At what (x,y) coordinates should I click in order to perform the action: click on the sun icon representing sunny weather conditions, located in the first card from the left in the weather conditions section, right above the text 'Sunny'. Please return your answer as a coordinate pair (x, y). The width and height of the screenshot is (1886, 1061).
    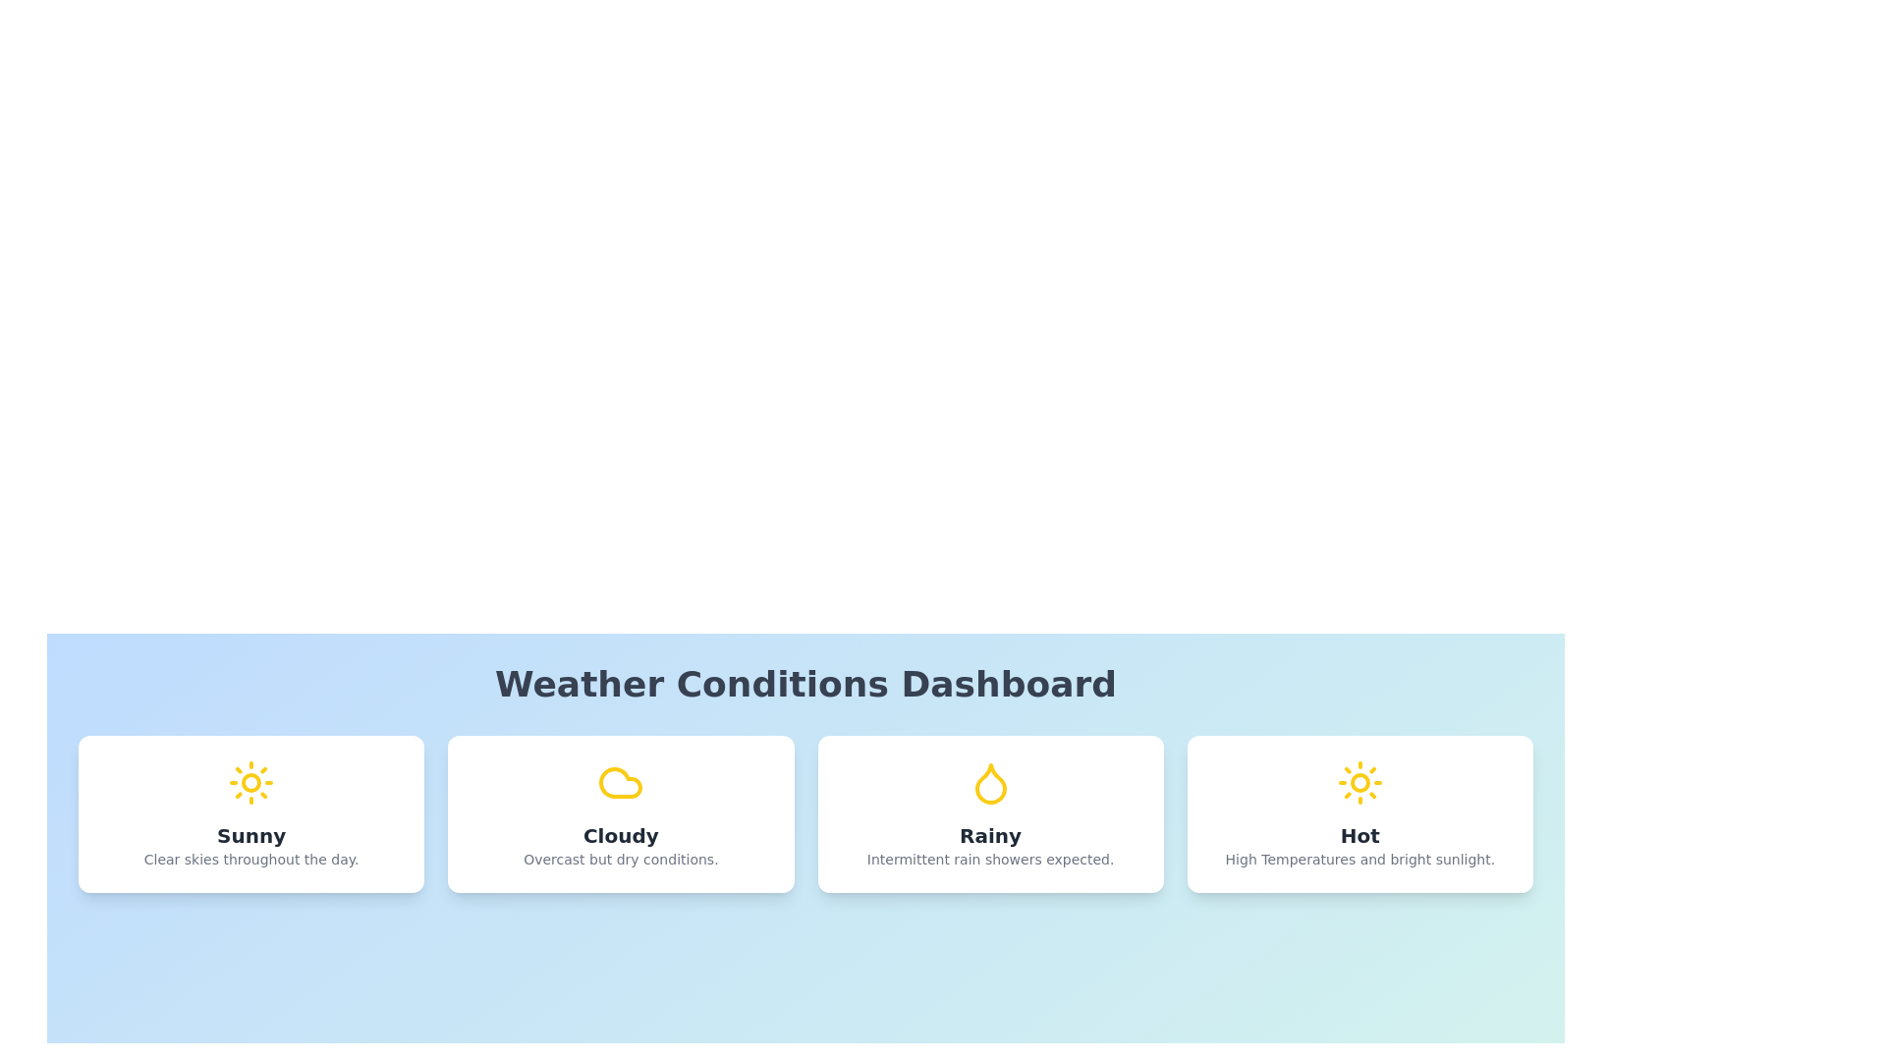
    Looking at the image, I should click on (250, 782).